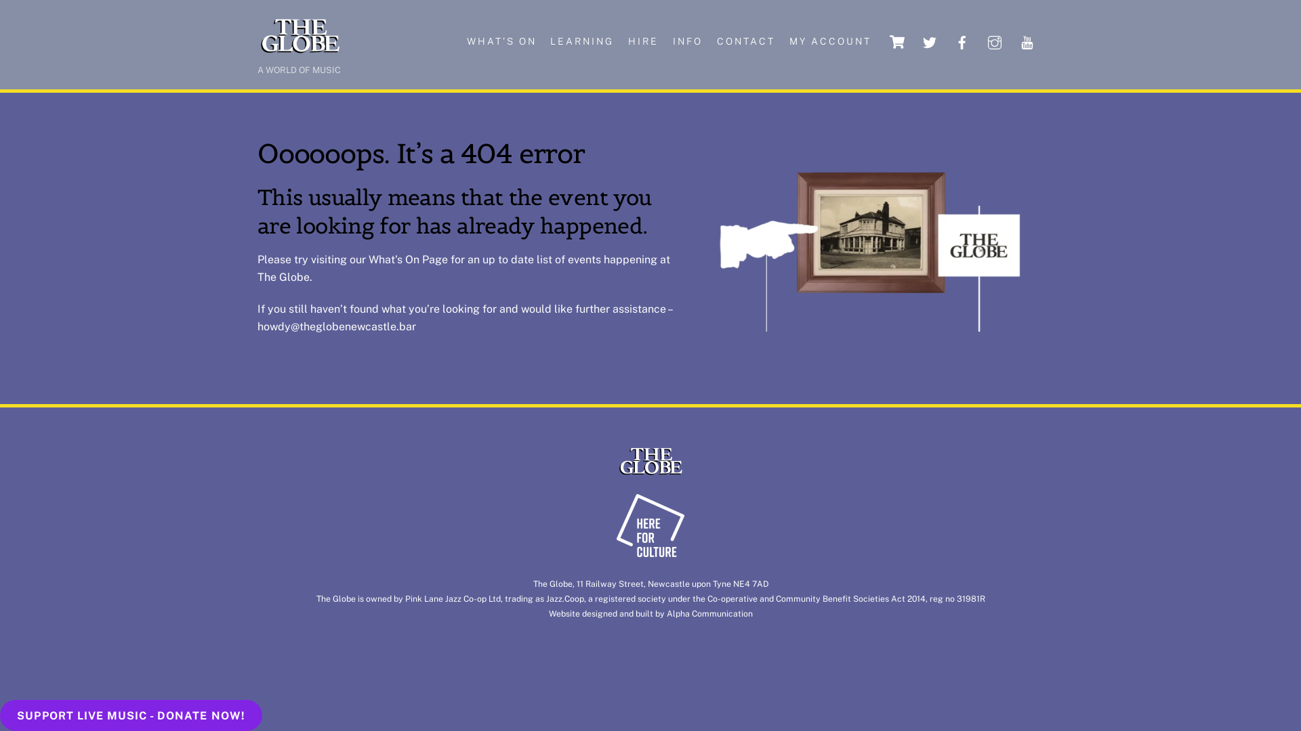 This screenshot has height=731, width=1301. Describe the element at coordinates (643, 41) in the screenshot. I see `'HIRE'` at that location.